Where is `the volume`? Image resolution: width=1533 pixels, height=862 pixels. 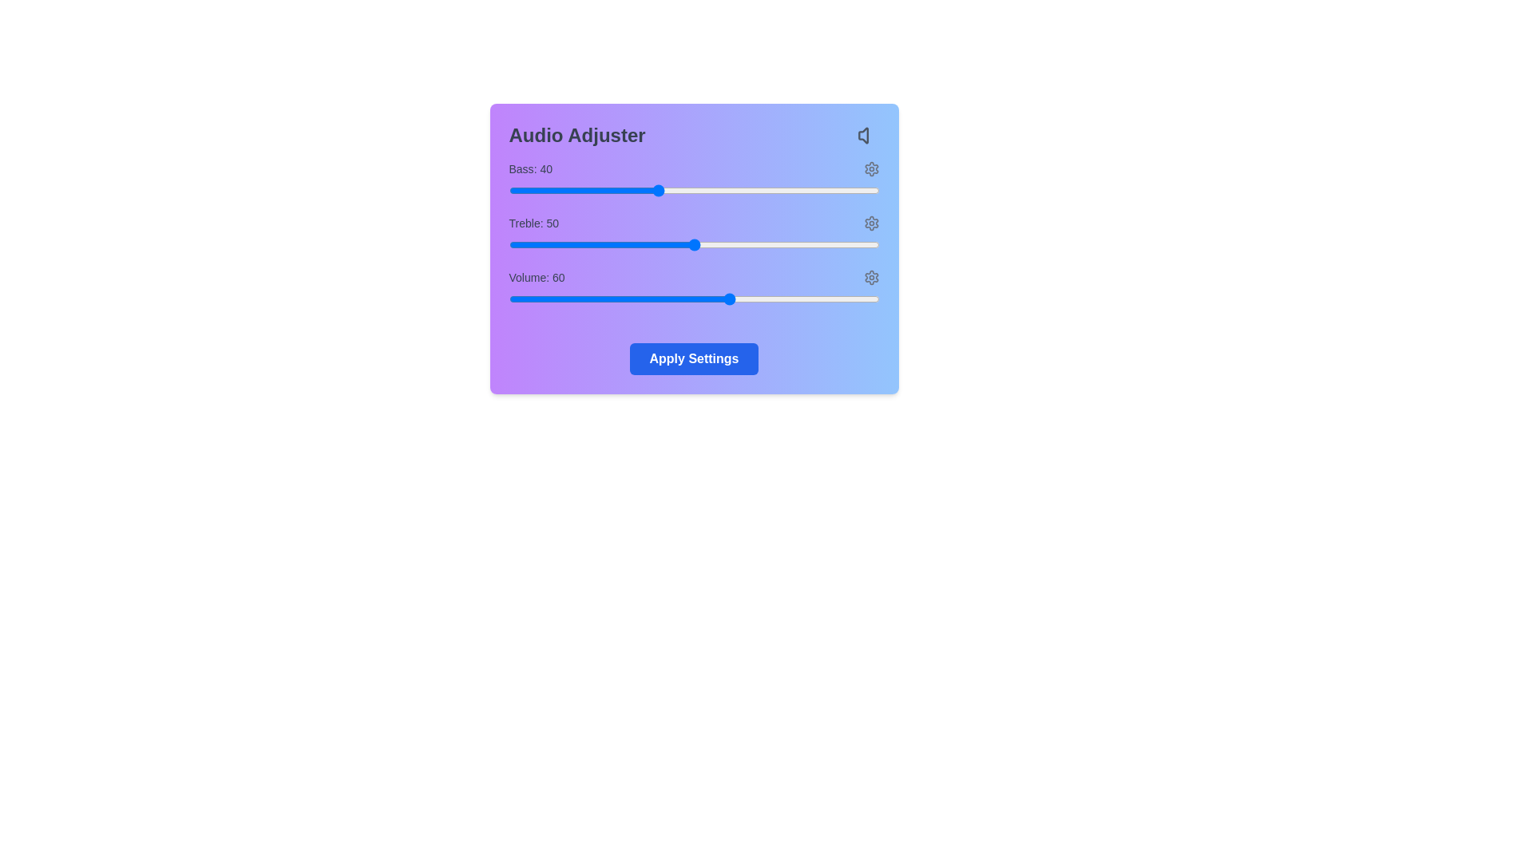
the volume is located at coordinates (820, 299).